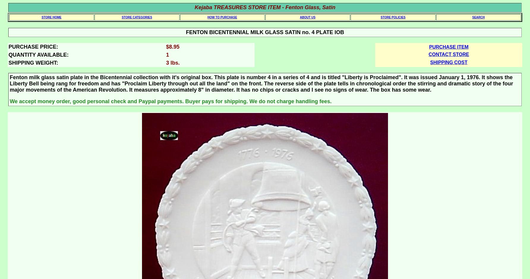  I want to click on 'SEARCH', so click(472, 17).